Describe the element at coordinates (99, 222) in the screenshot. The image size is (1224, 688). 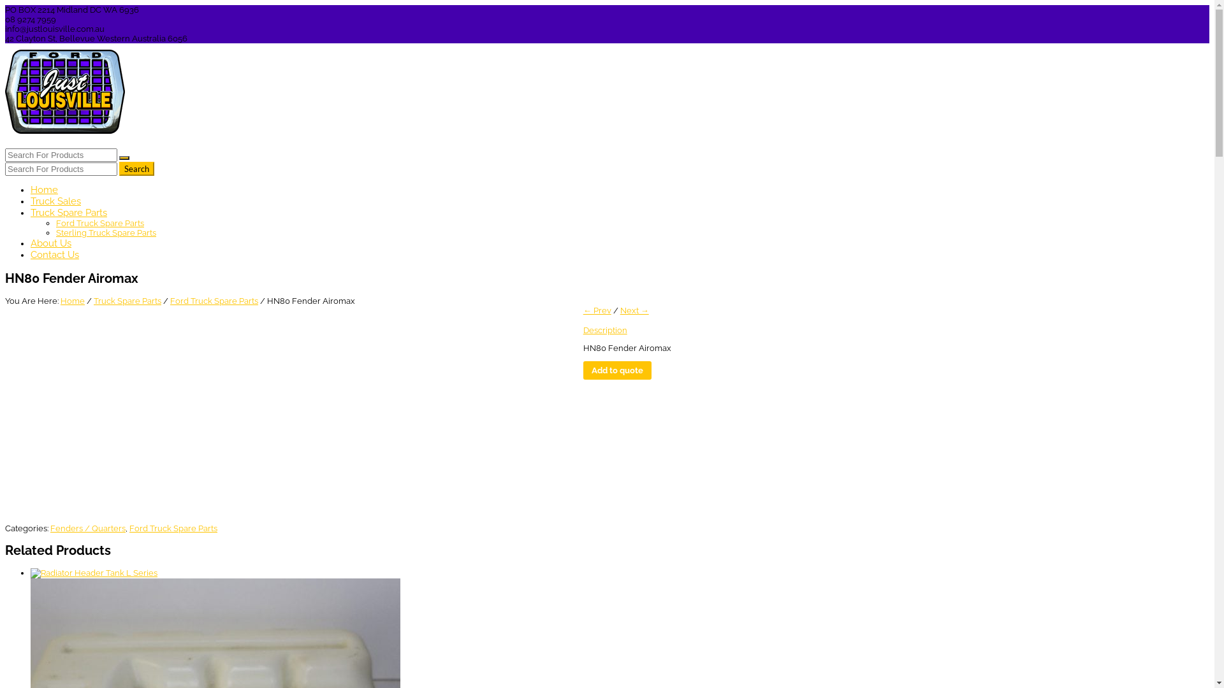
I see `'Ford Truck Spare Parts'` at that location.